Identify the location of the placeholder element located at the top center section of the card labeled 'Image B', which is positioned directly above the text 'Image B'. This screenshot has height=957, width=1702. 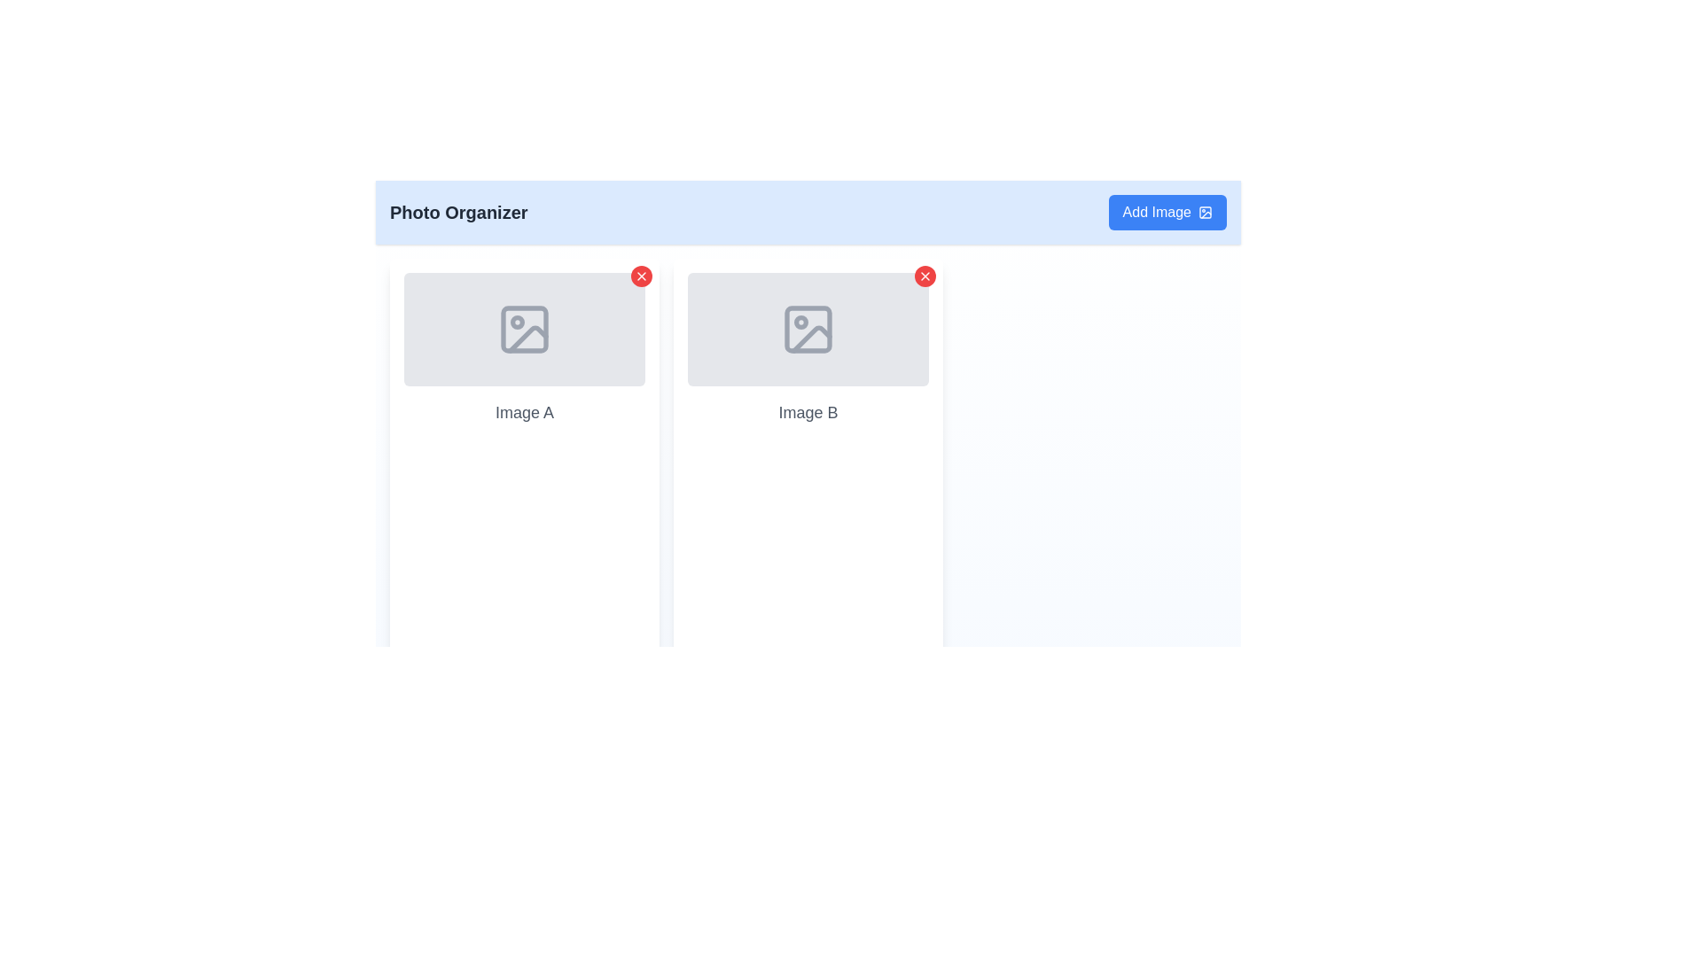
(808, 329).